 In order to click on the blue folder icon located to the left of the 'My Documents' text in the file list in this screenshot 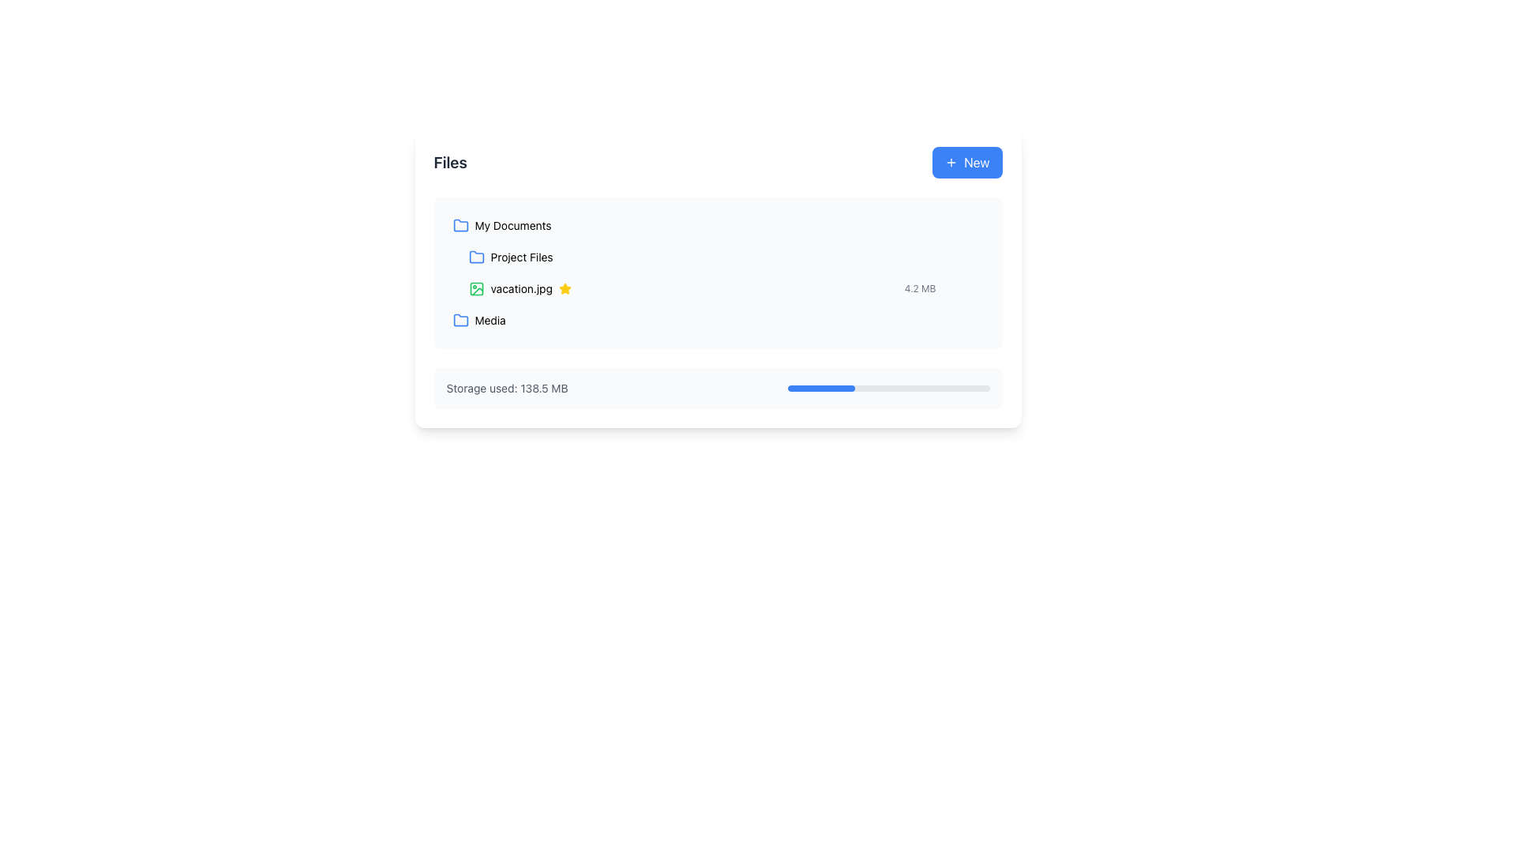, I will do `click(460, 225)`.